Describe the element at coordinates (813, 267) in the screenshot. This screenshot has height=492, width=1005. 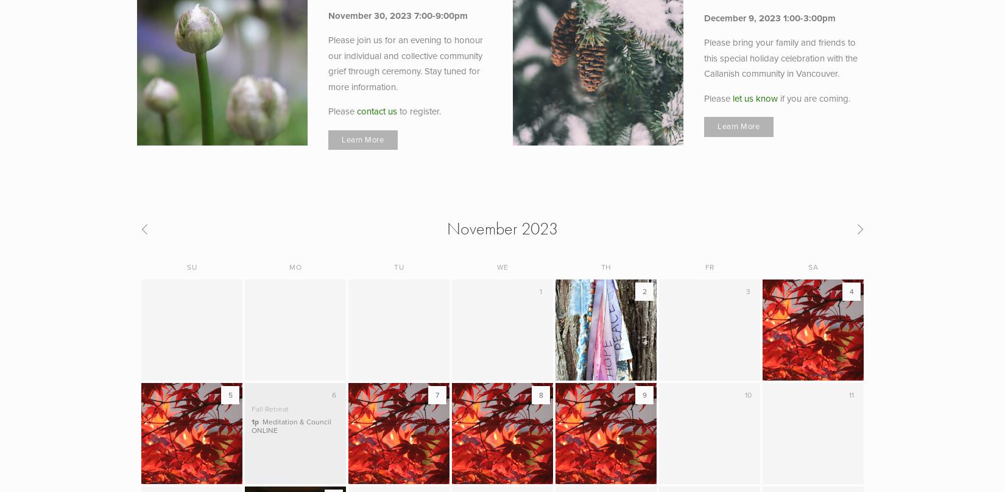
I see `'Sa'` at that location.